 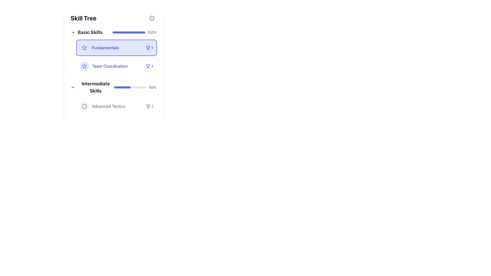 I want to click on the numerical value display next to the trophy icon in the 'Intermediate Skills' section labeled 'Advanced Tactics', so click(x=152, y=106).